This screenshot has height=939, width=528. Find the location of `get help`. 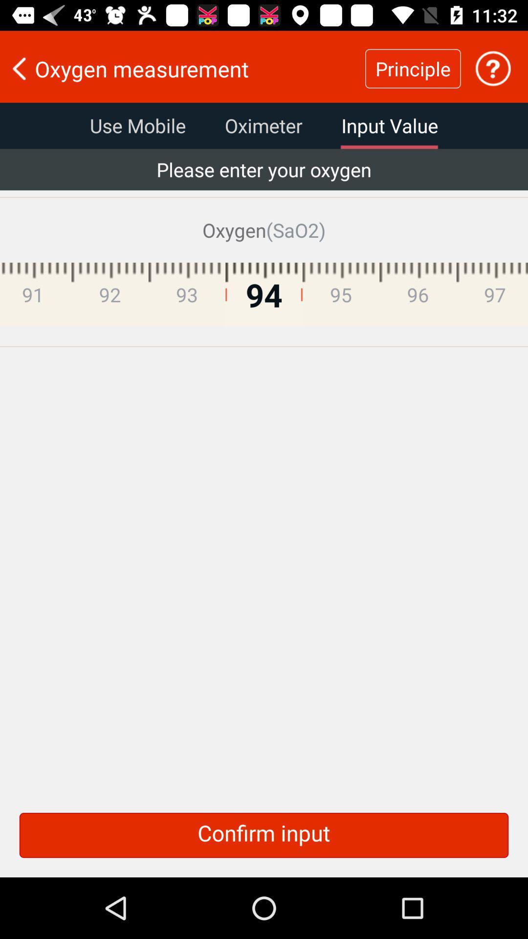

get help is located at coordinates (493, 68).